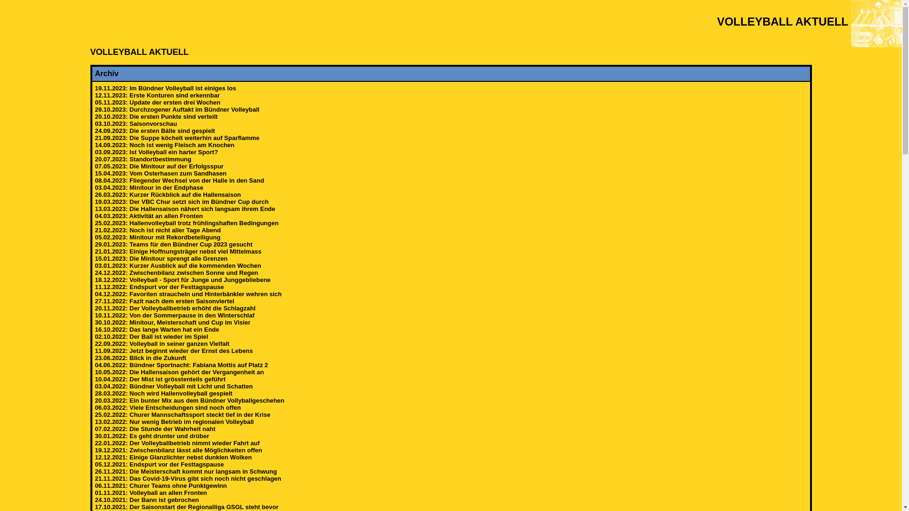  Describe the element at coordinates (179, 180) in the screenshot. I see `'08.04.2023: Fliegender Wechsel von der Halle in den Sand'` at that location.